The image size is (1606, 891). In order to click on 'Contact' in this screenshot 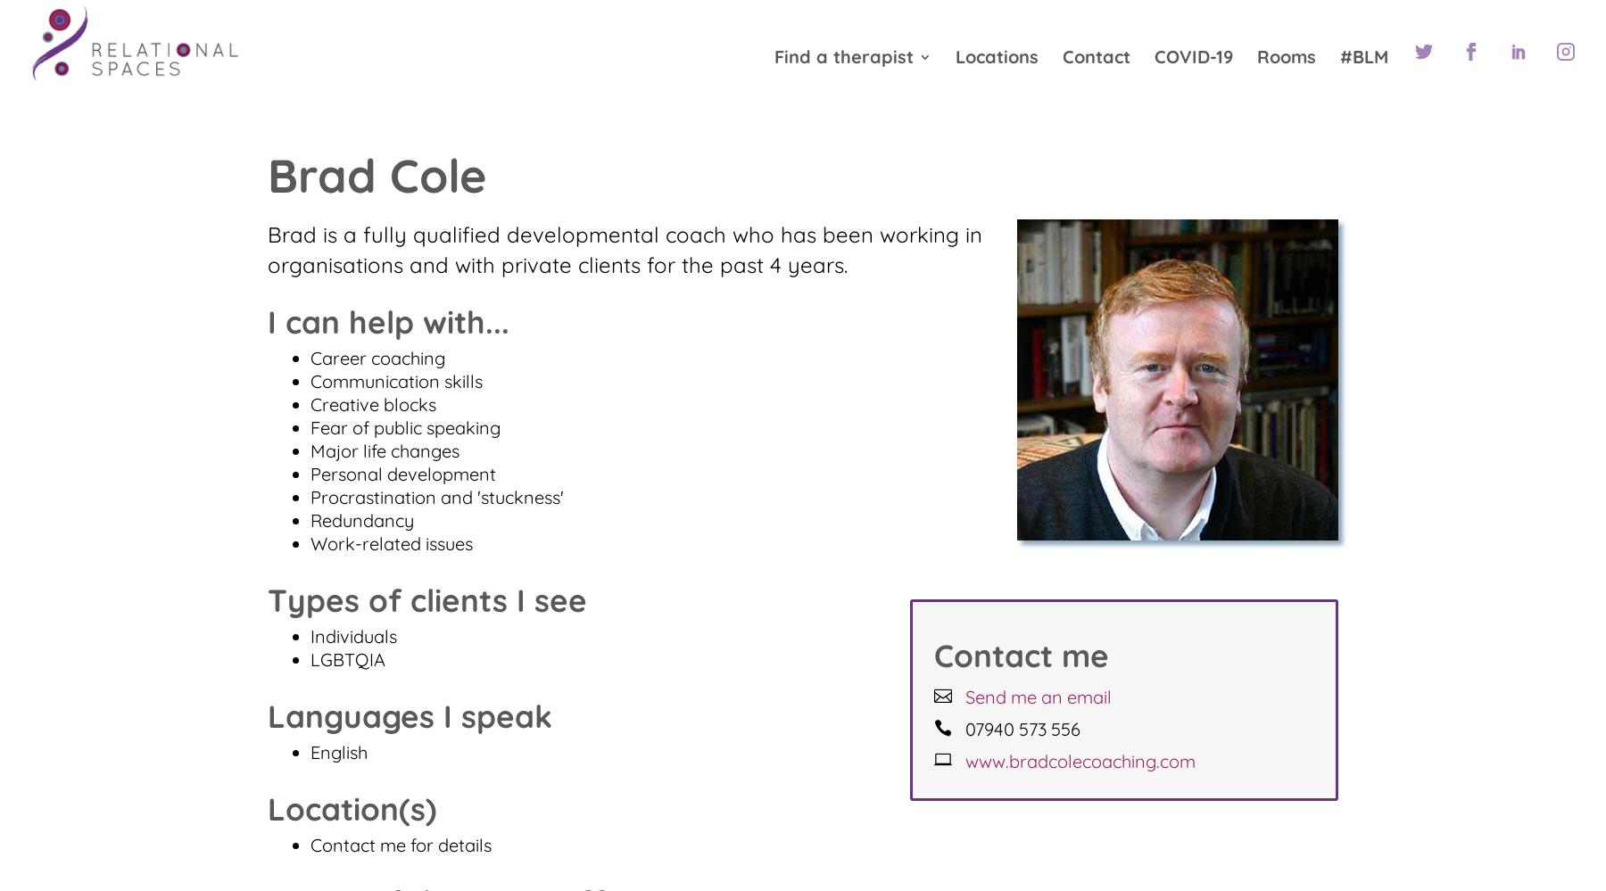, I will do `click(1096, 60)`.